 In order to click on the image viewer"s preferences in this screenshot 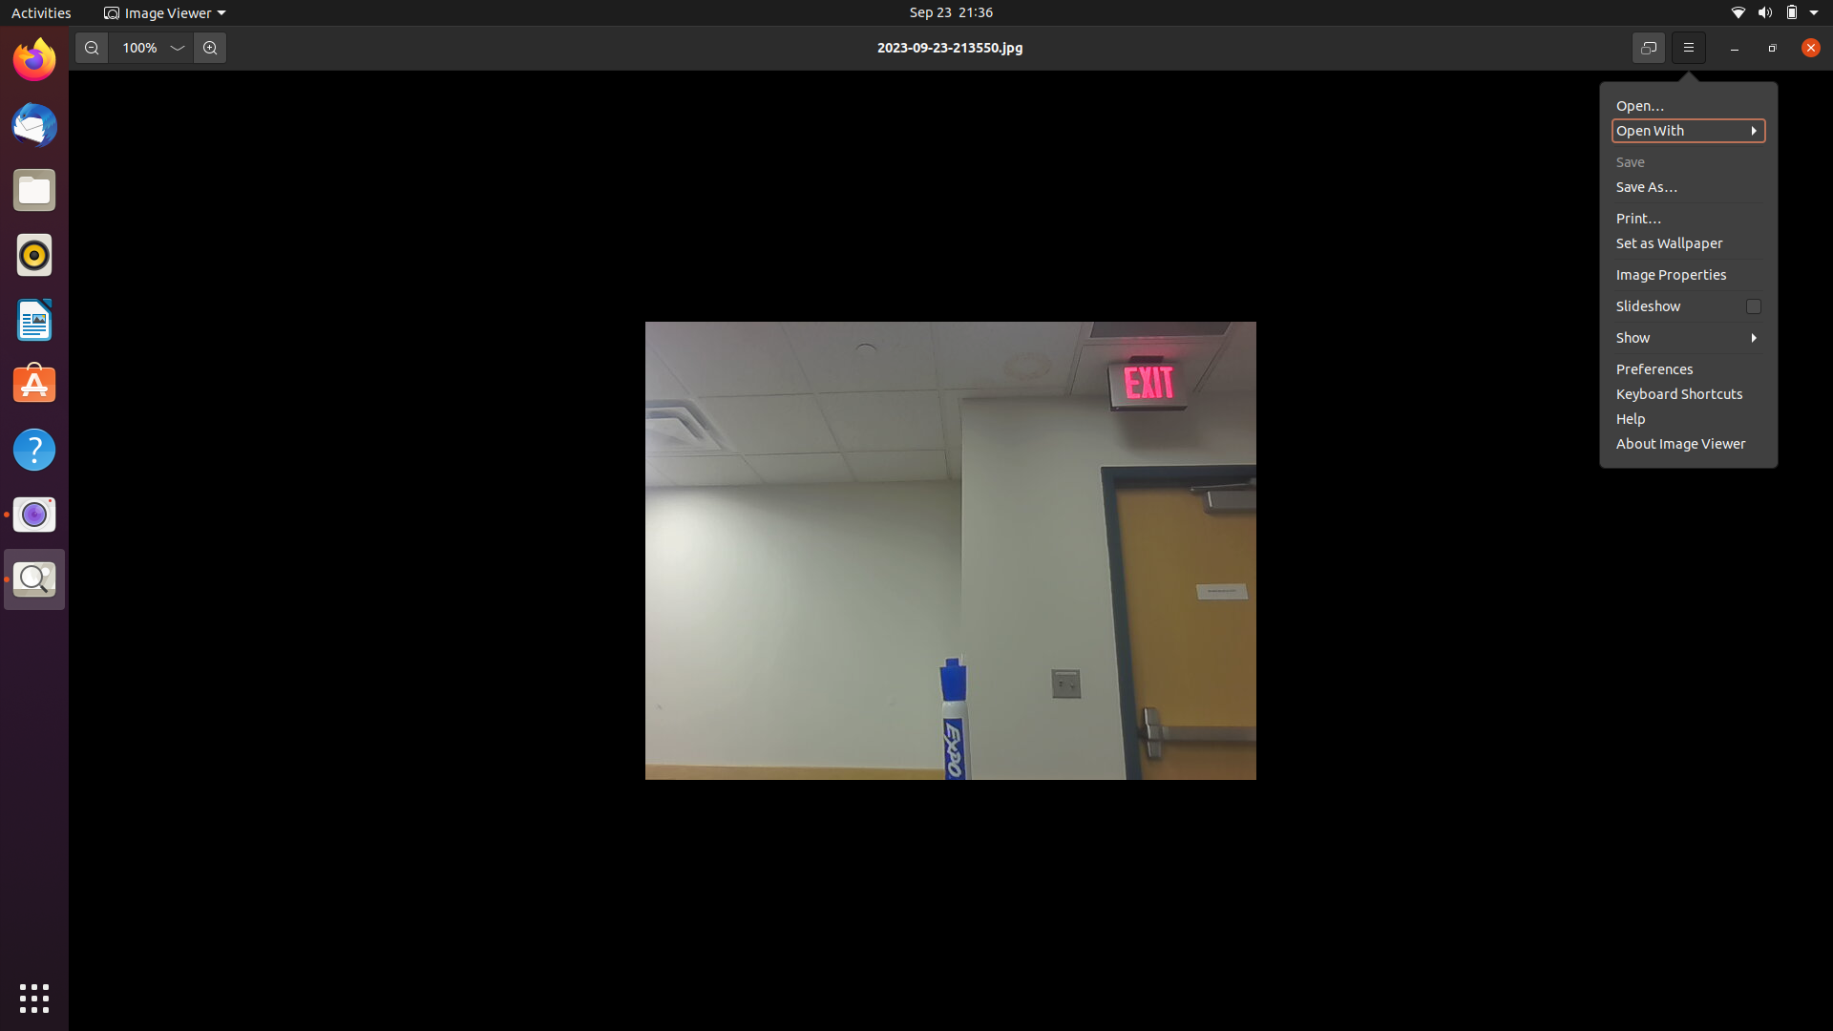, I will do `click(1681, 441)`.